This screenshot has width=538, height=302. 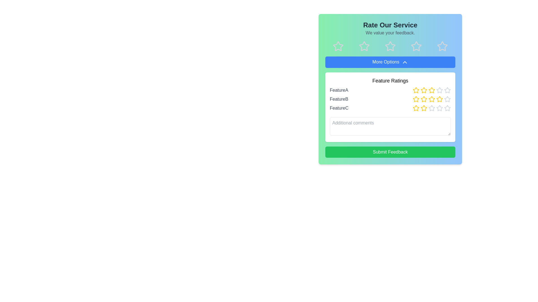 What do you see at coordinates (439, 108) in the screenshot?
I see `the fourth star in the interactive star rating icon located in the third row under the 'FeatureC' column` at bounding box center [439, 108].